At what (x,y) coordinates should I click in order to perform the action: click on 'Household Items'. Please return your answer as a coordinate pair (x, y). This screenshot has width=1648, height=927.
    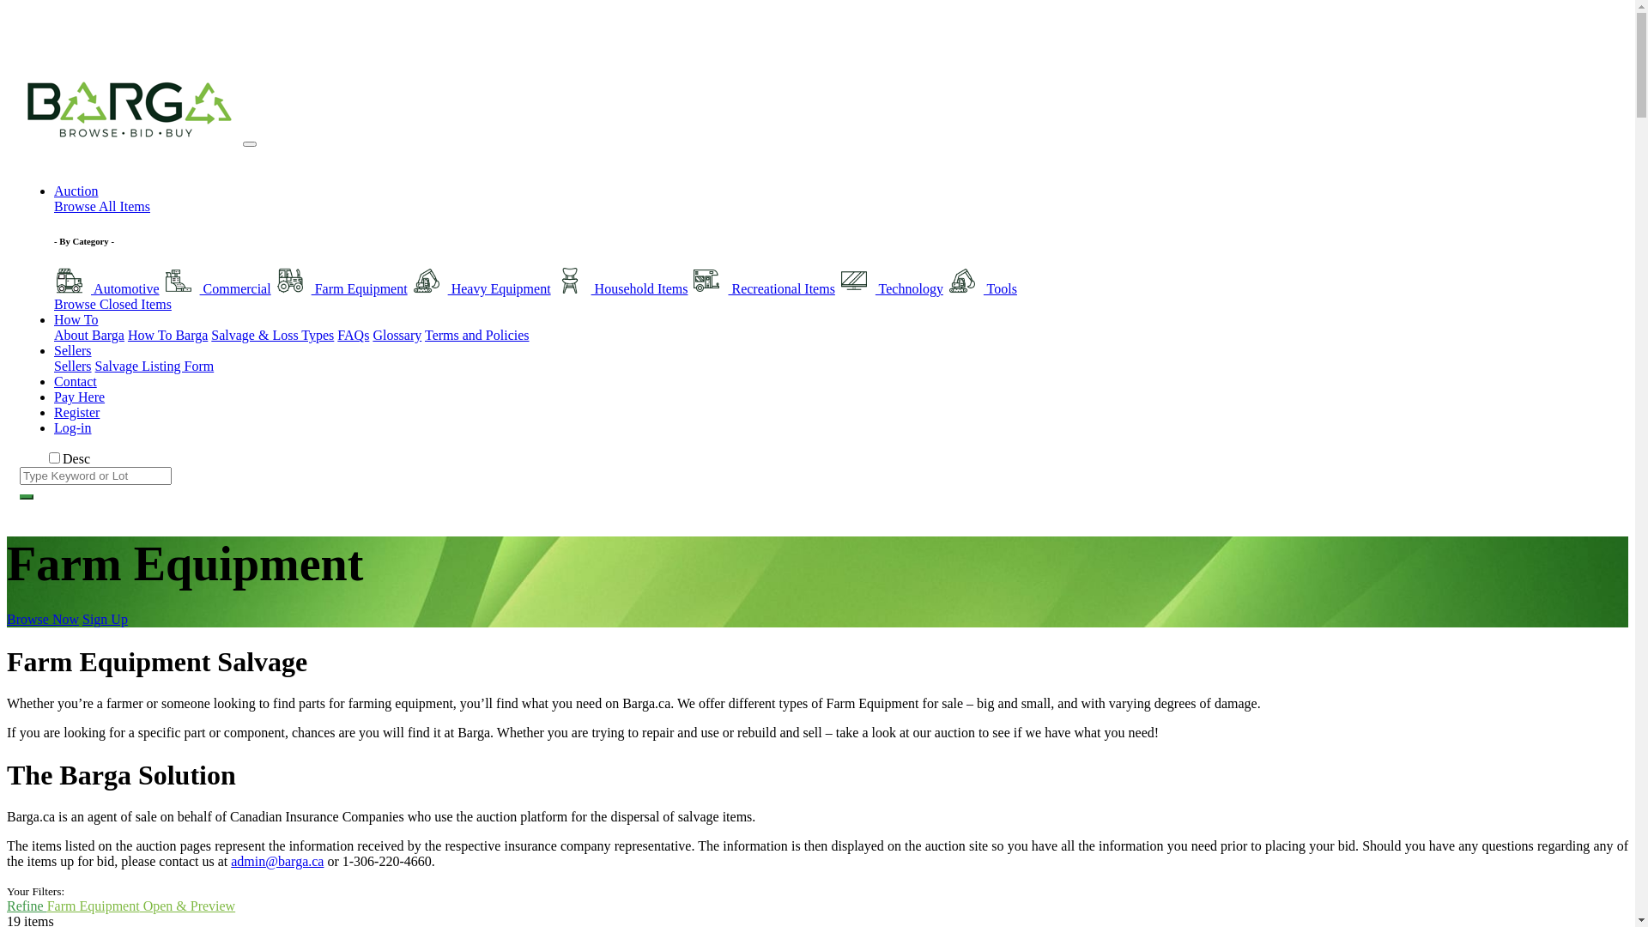
    Looking at the image, I should click on (621, 288).